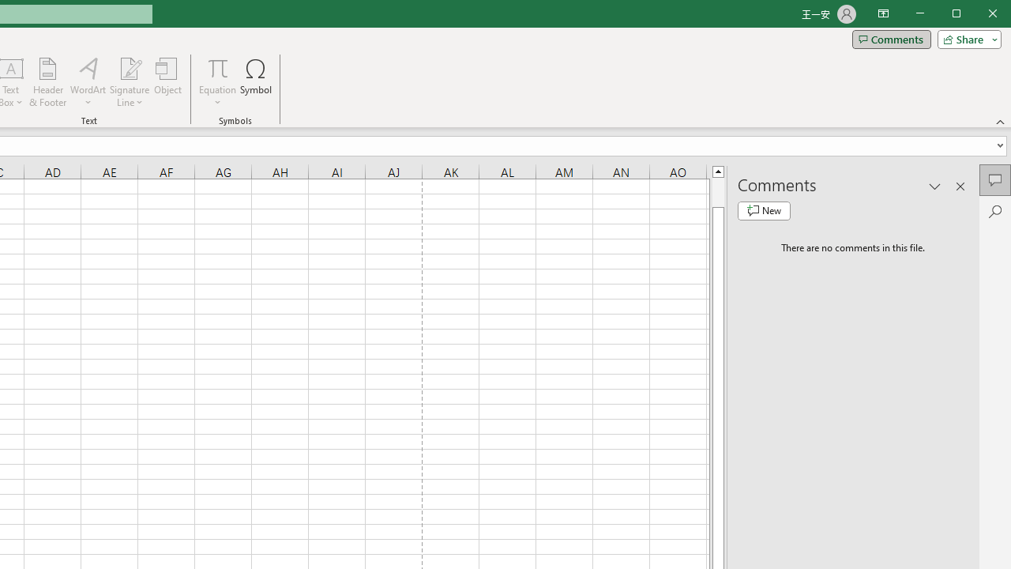 Image resolution: width=1011 pixels, height=569 pixels. I want to click on 'Line up', so click(717, 171).